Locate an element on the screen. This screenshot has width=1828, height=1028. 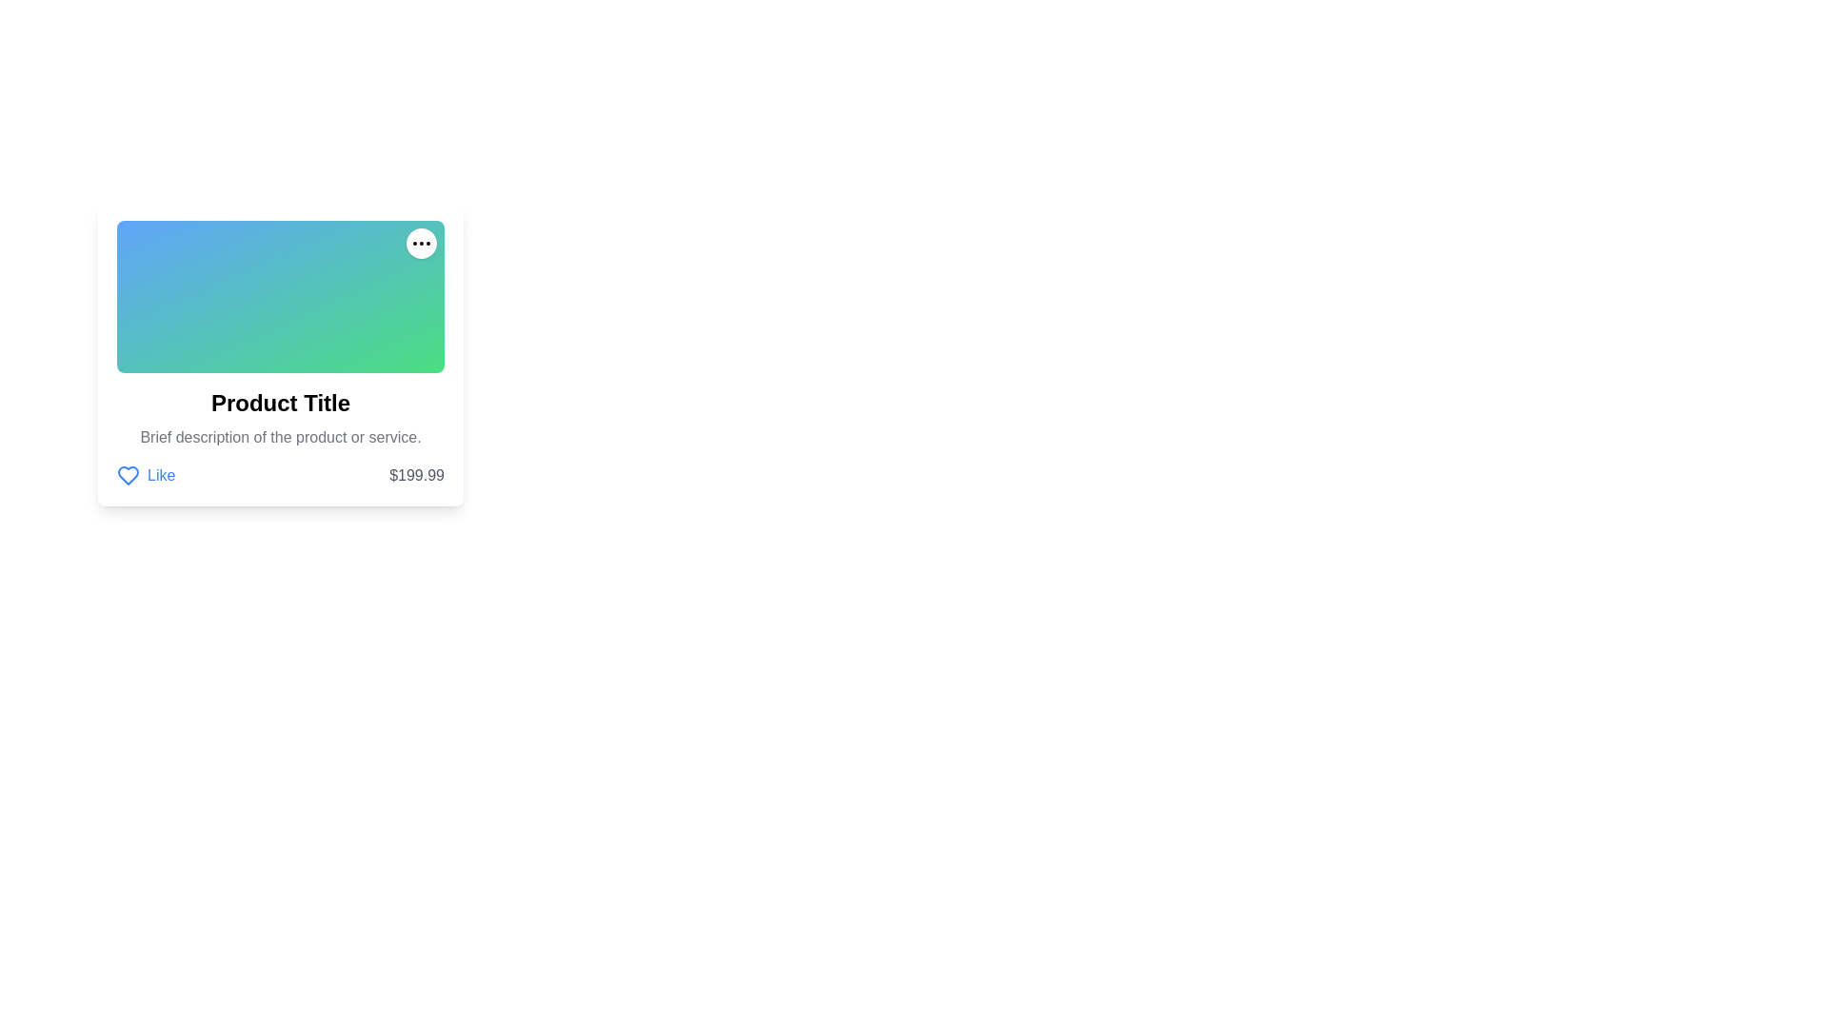
the heart-shaped icon with a thin blue outline located in the lower-left region of the card component, adjacent to the 'Like' text label is located at coordinates (127, 475).